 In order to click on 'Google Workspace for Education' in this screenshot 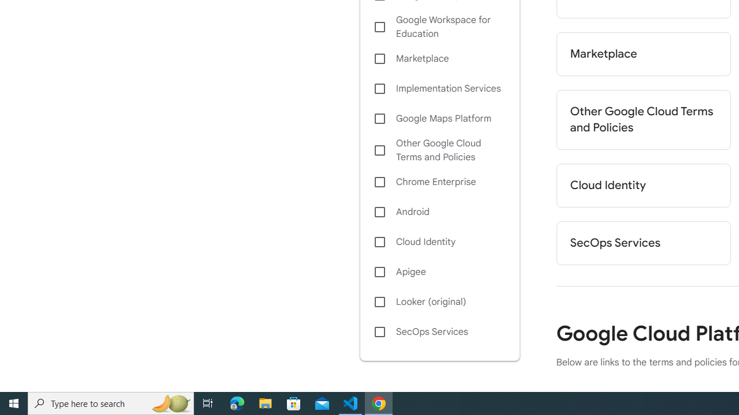, I will do `click(439, 27)`.